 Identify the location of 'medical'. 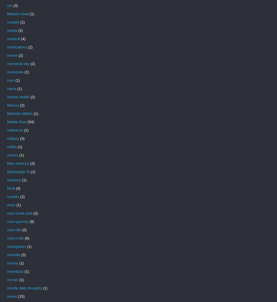
(13, 39).